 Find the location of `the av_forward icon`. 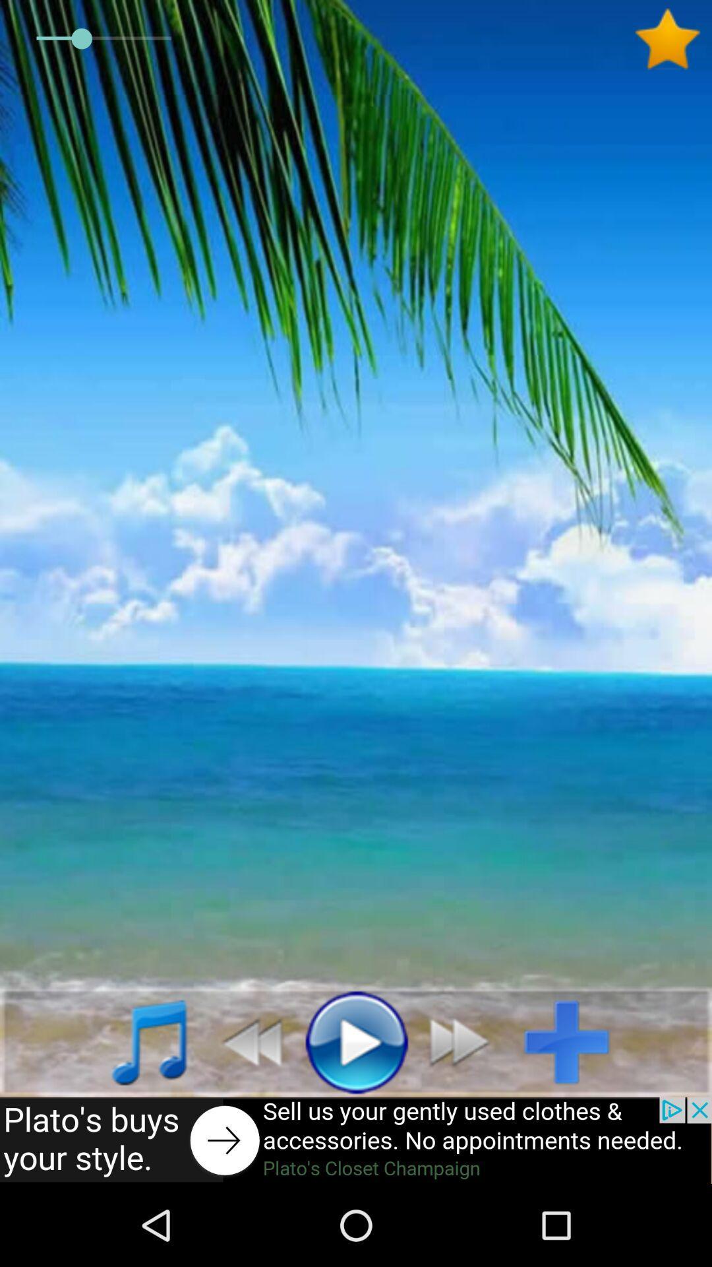

the av_forward icon is located at coordinates (466, 1041).